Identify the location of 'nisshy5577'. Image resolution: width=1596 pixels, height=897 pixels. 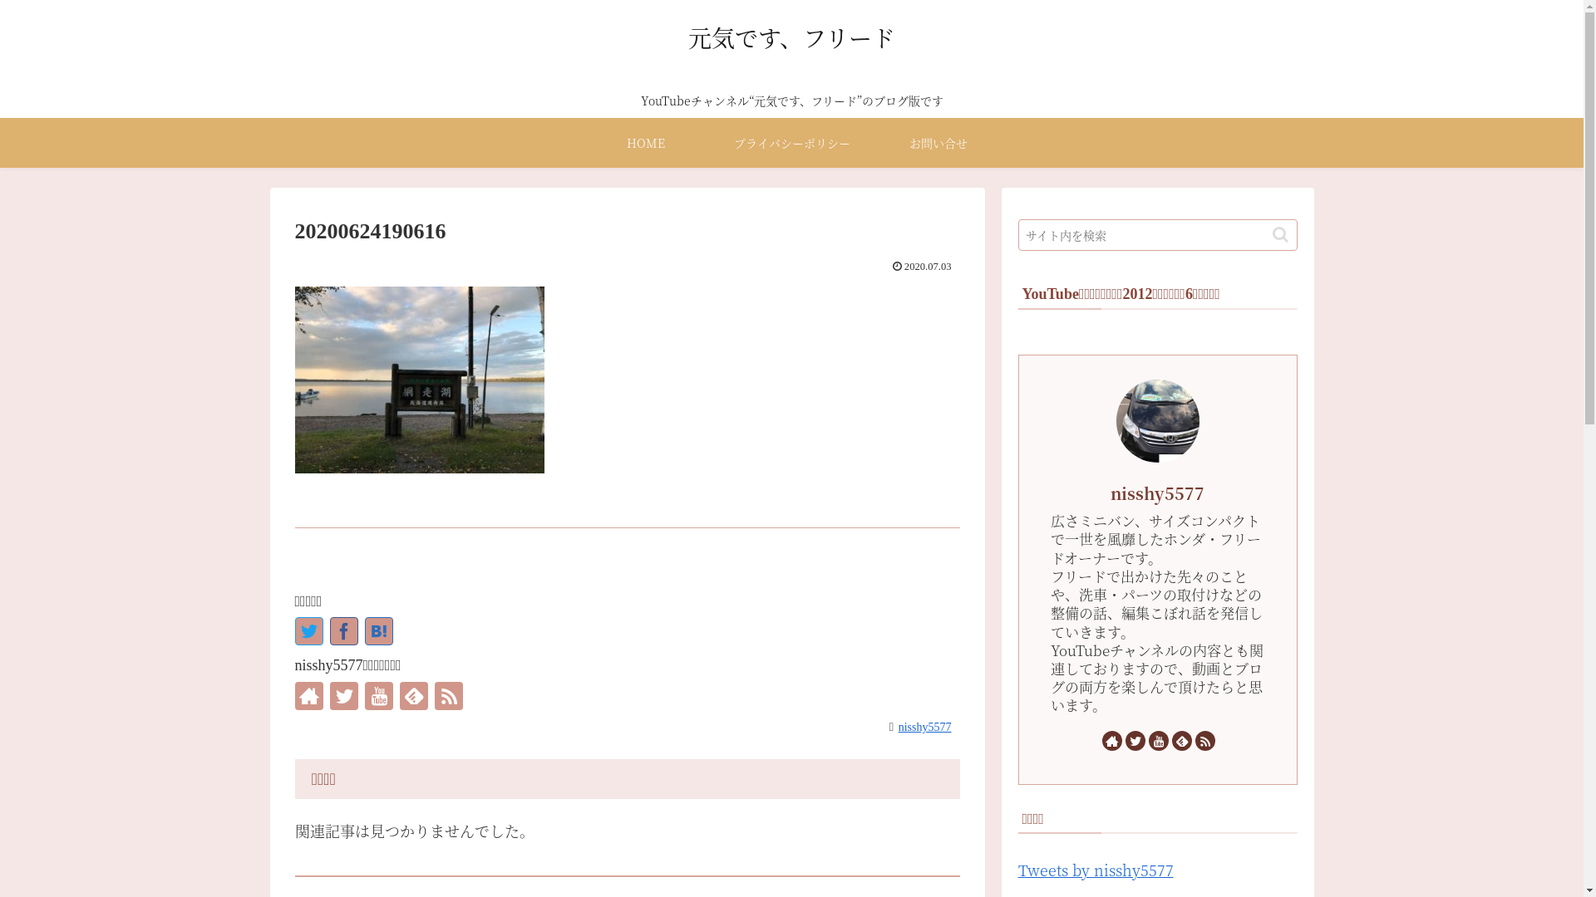
(1156, 492).